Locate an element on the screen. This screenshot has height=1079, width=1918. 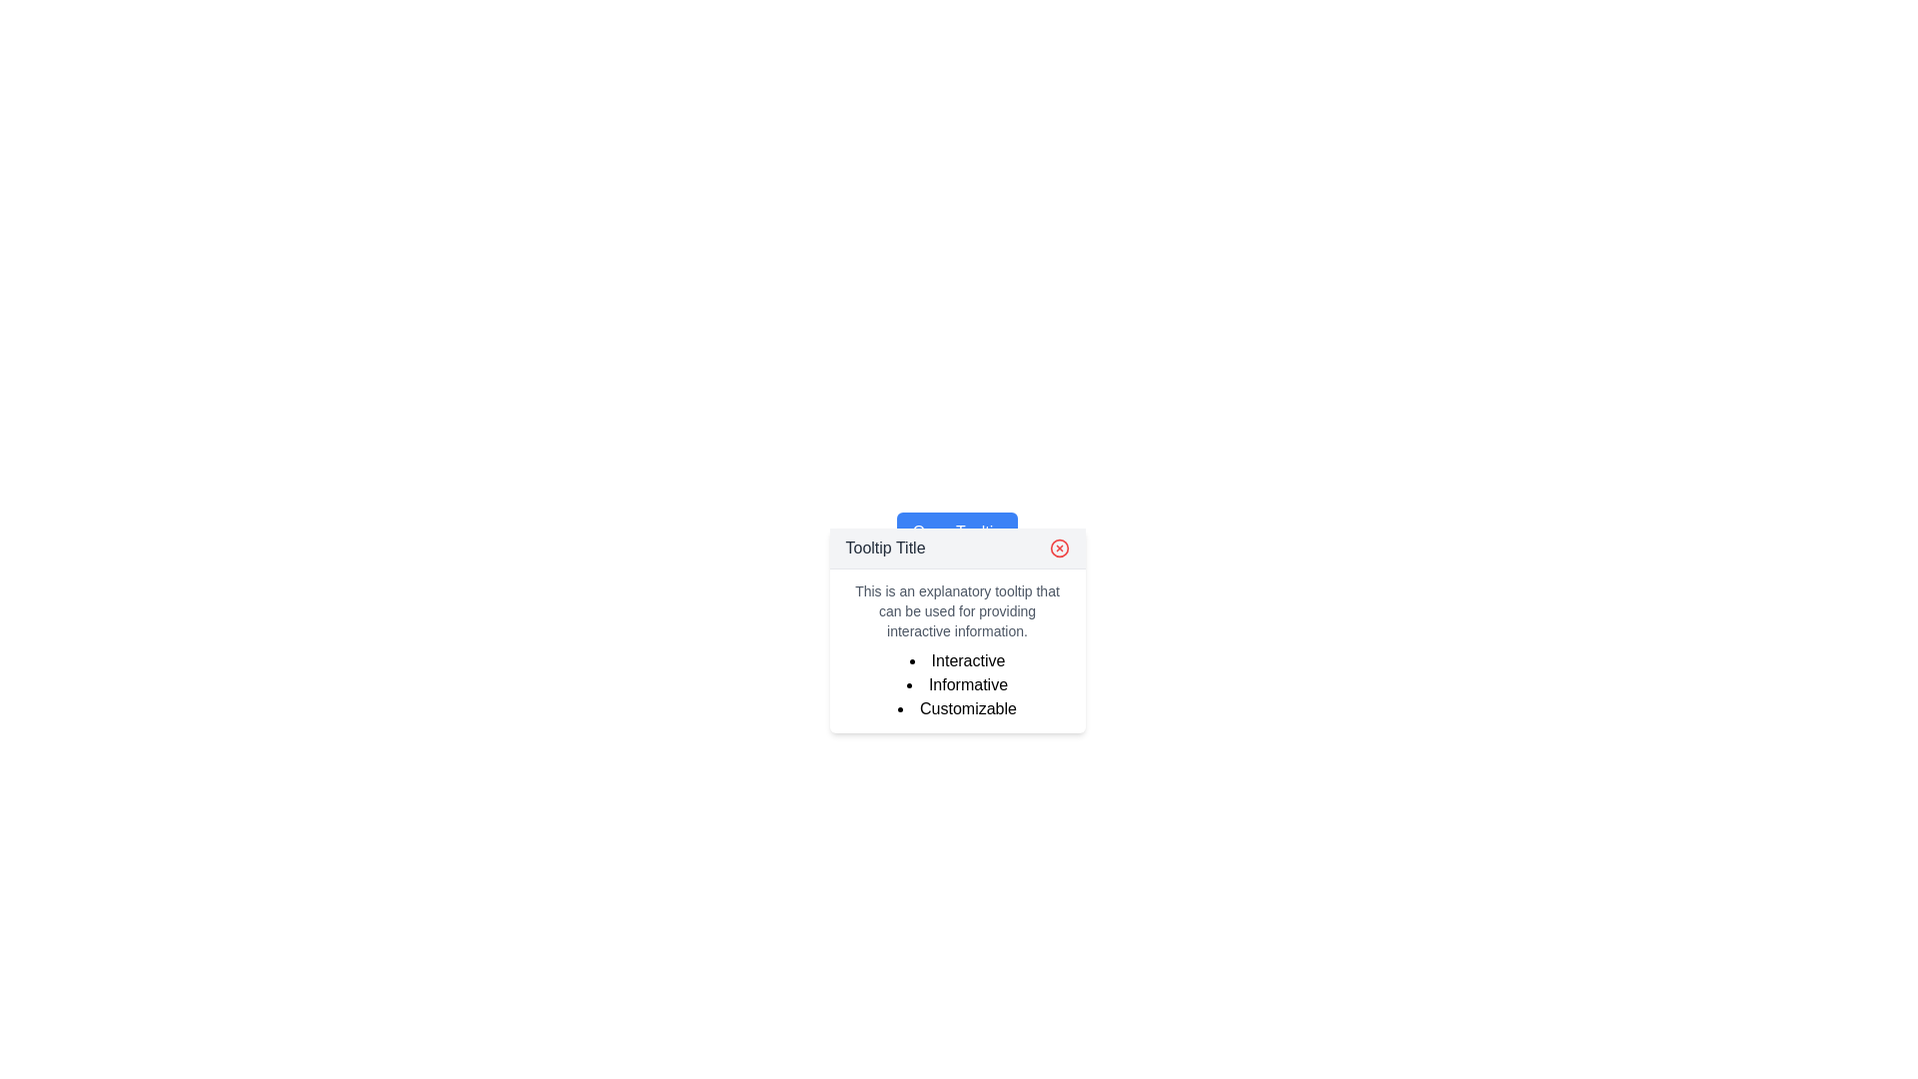
the close button located in the top-right corner of the tooltip dialog is located at coordinates (1058, 547).